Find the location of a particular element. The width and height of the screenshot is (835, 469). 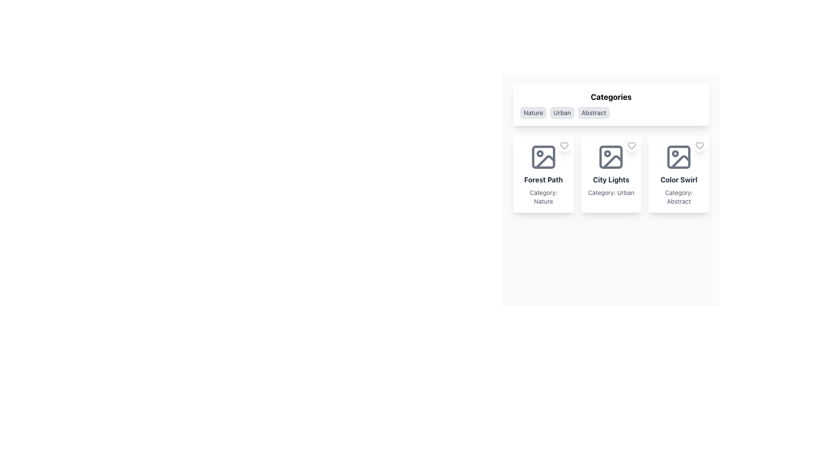

the 'Urban' category selection button, which is the second button in a row of three buttons labeled 'Nature', 'Urban', and 'Abstract', located below the title 'Categories' is located at coordinates (562, 112).